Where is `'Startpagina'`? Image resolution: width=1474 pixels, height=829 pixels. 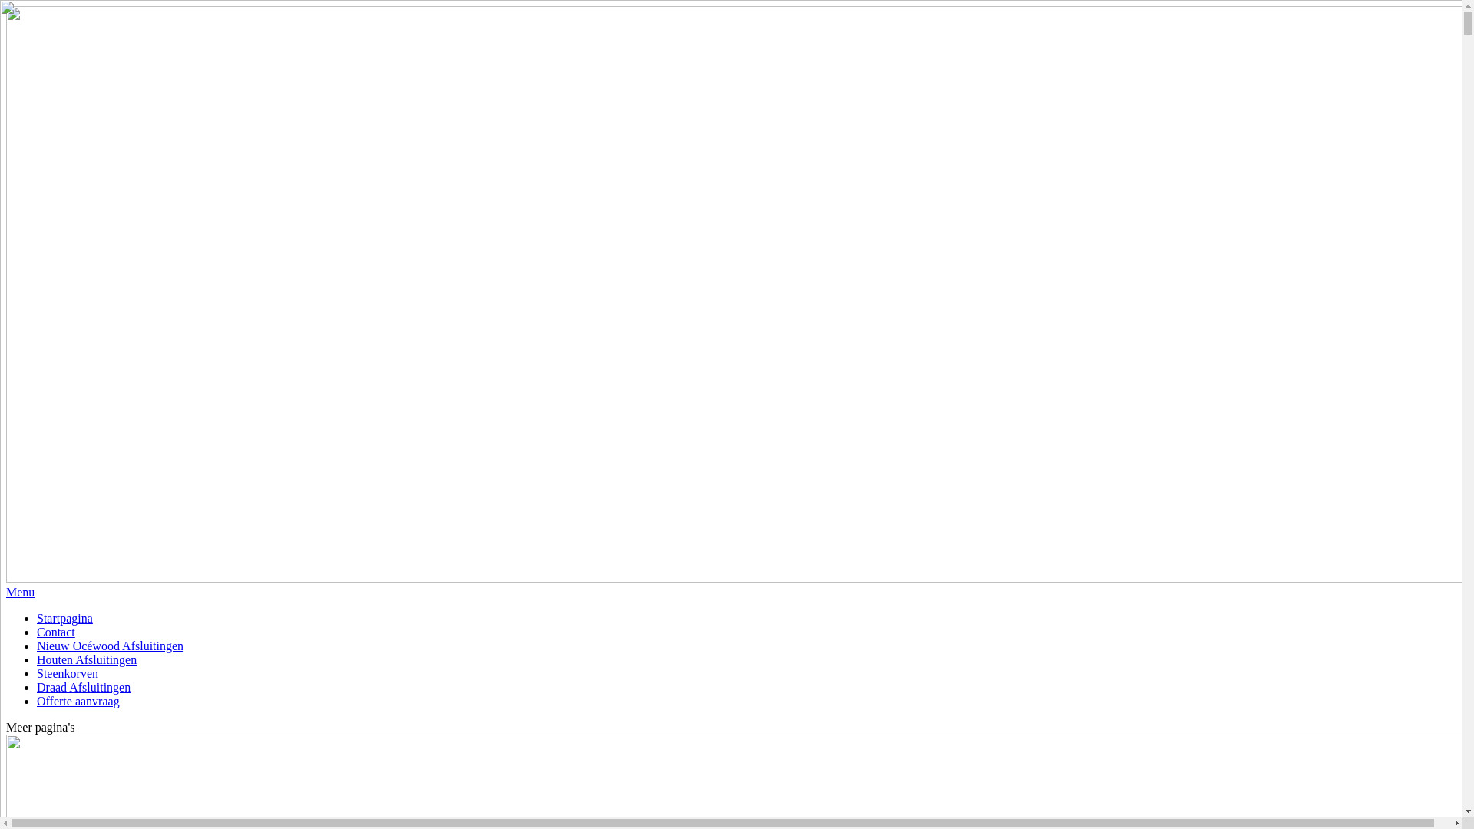 'Startpagina' is located at coordinates (64, 617).